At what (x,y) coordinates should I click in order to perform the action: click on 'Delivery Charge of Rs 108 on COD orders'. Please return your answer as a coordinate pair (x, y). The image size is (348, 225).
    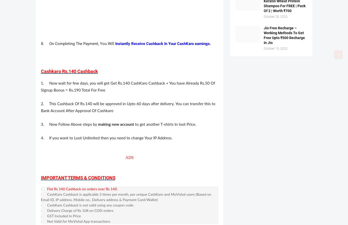
    Looking at the image, I should click on (47, 211).